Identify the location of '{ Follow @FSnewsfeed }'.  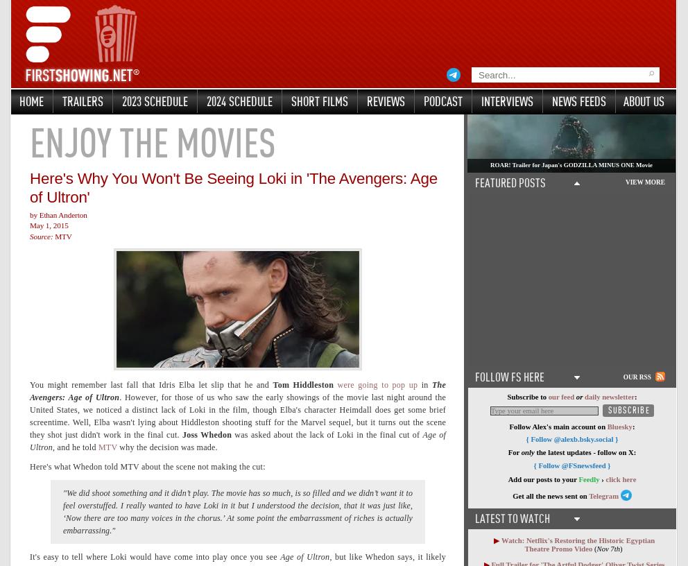
(571, 464).